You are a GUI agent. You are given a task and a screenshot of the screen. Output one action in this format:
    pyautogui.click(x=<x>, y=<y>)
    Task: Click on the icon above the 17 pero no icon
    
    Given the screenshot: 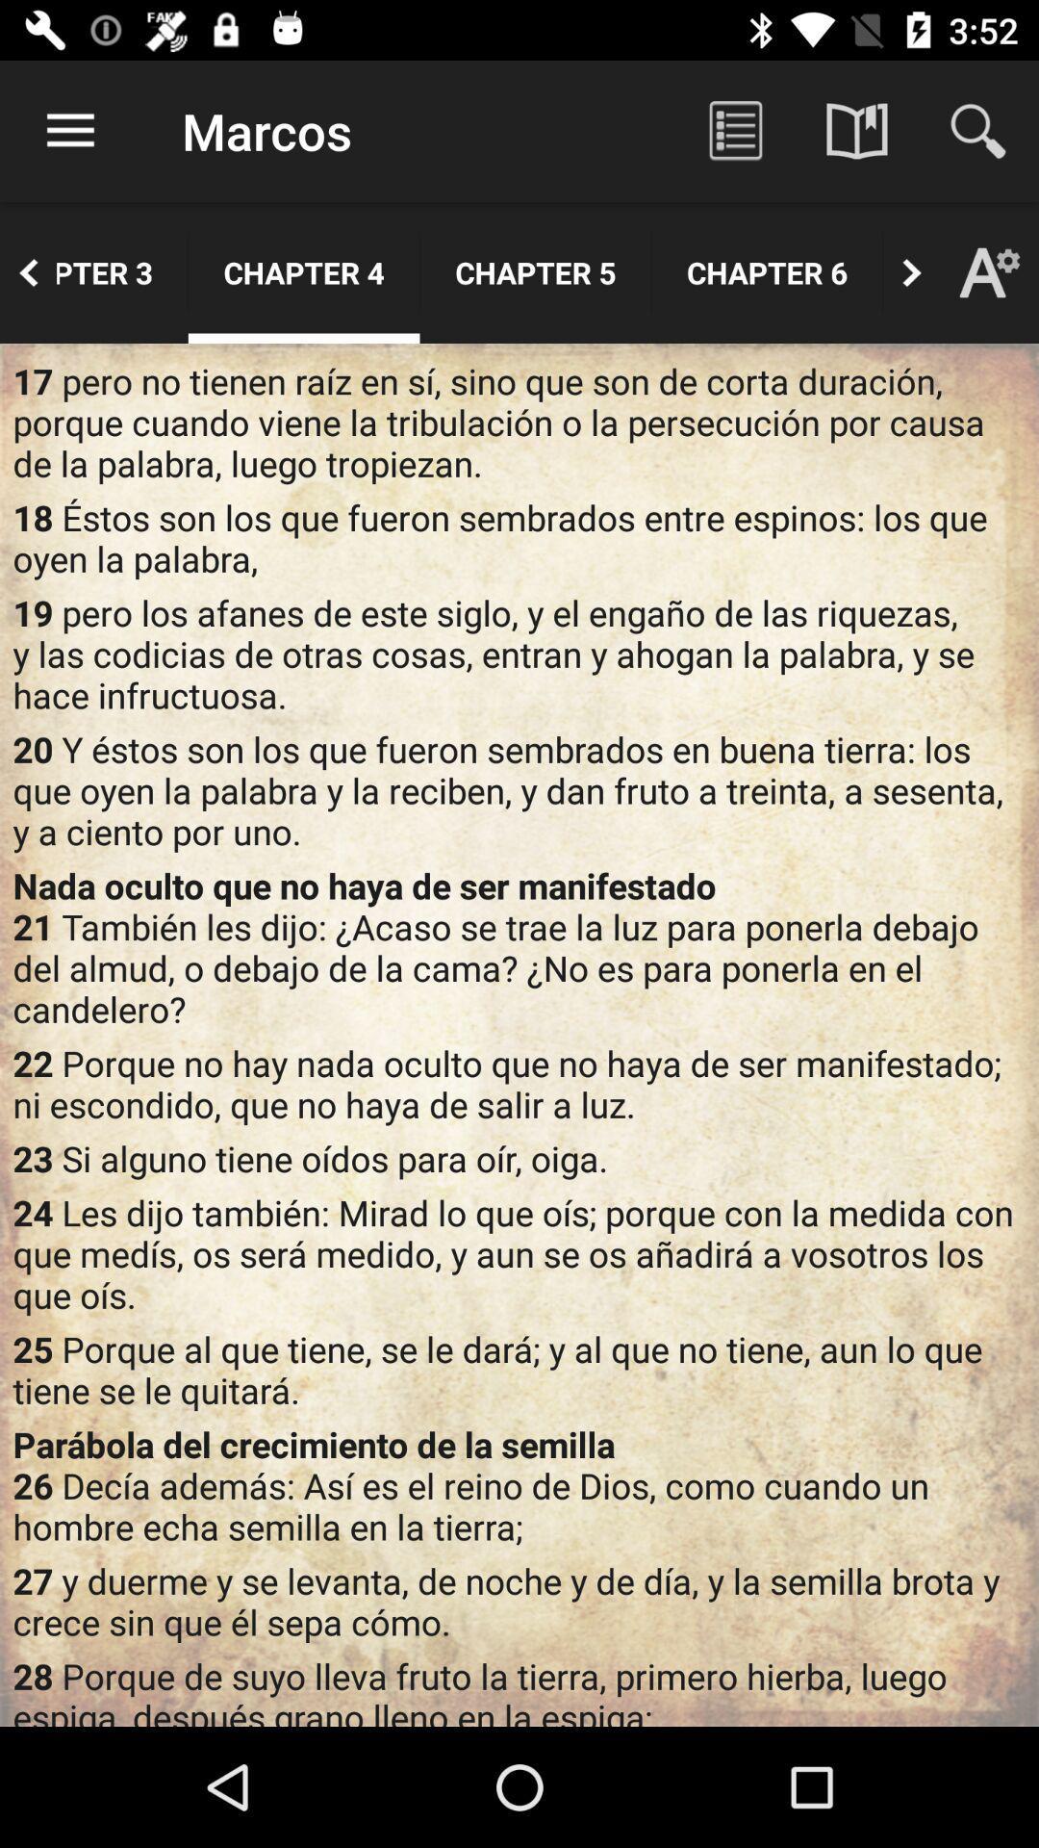 What is the action you would take?
    pyautogui.click(x=883, y=271)
    